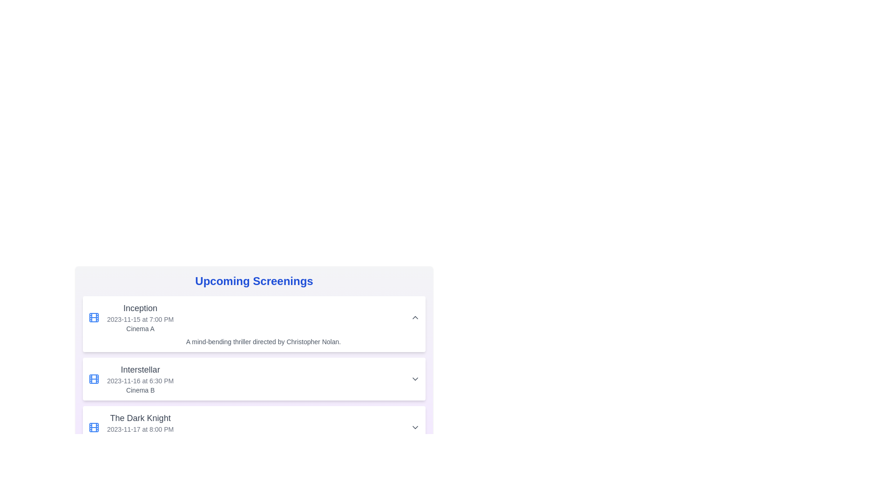 The width and height of the screenshot is (894, 503). What do you see at coordinates (94, 428) in the screenshot?
I see `the movie screening icon that represents 'The Dark Knight' event for visual identification` at bounding box center [94, 428].